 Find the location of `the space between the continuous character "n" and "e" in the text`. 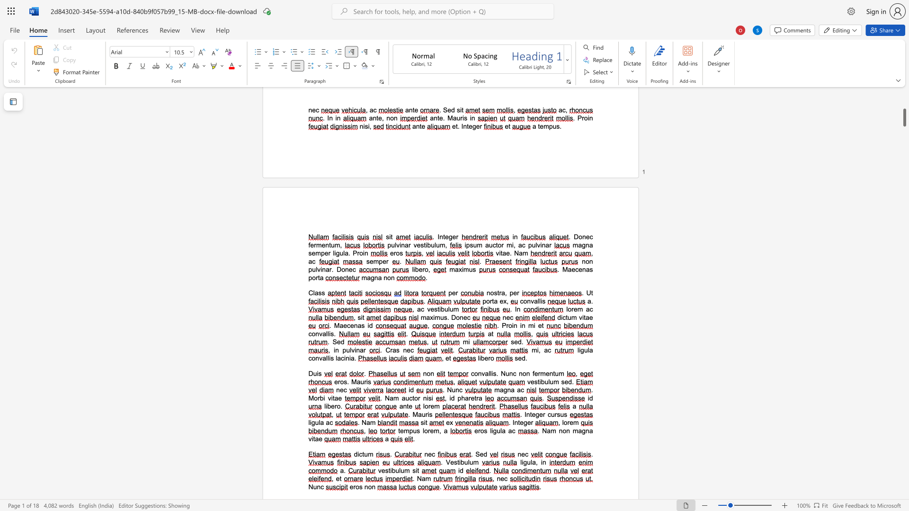

the space between the continuous character "n" and "e" in the text is located at coordinates (407, 350).